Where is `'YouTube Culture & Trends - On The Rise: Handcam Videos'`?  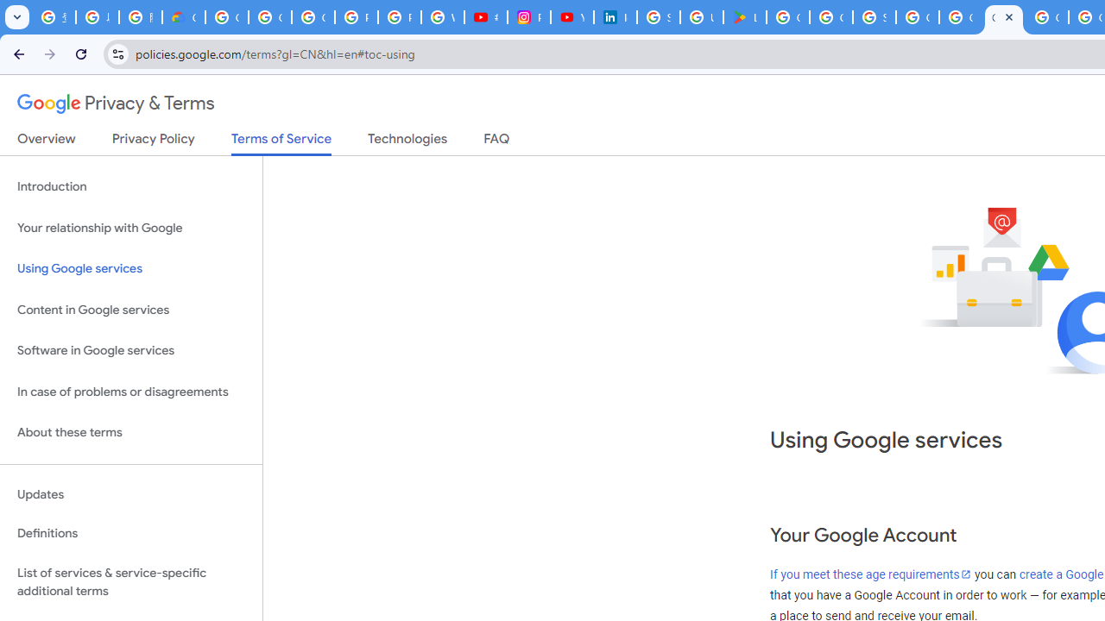 'YouTube Culture & Trends - On The Rise: Handcam Videos' is located at coordinates (572, 17).